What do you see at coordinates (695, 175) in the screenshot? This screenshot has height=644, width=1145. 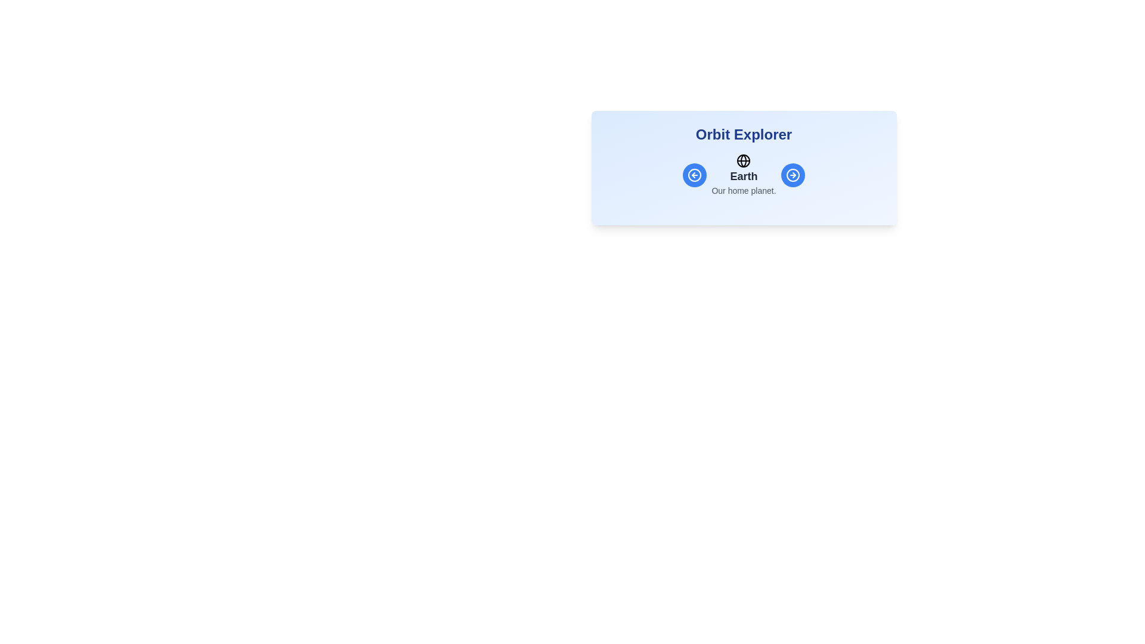 I see `the circular blue button with a white leftward arrow icon` at bounding box center [695, 175].